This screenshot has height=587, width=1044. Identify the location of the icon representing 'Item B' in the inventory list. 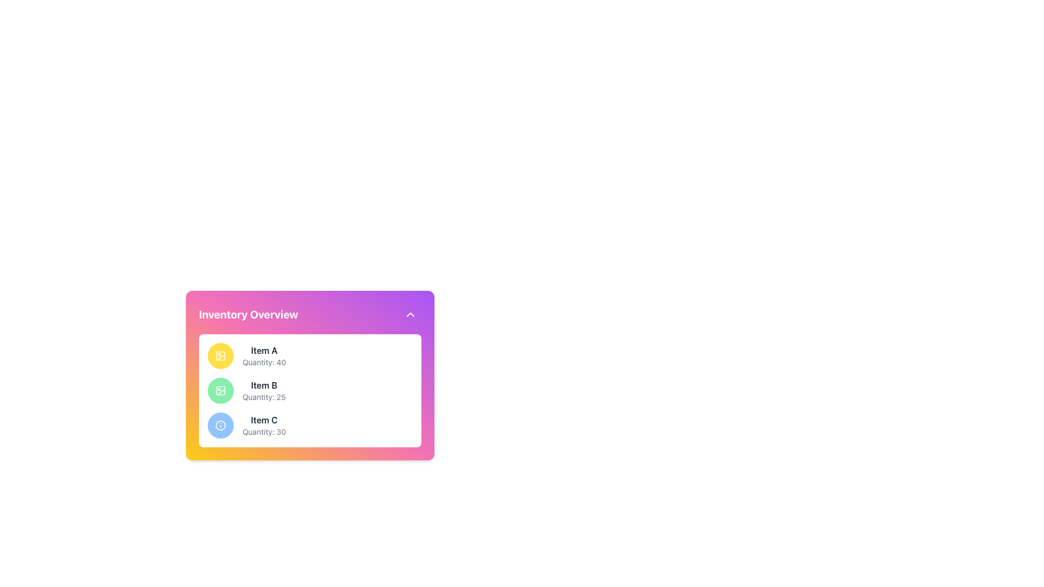
(220, 390).